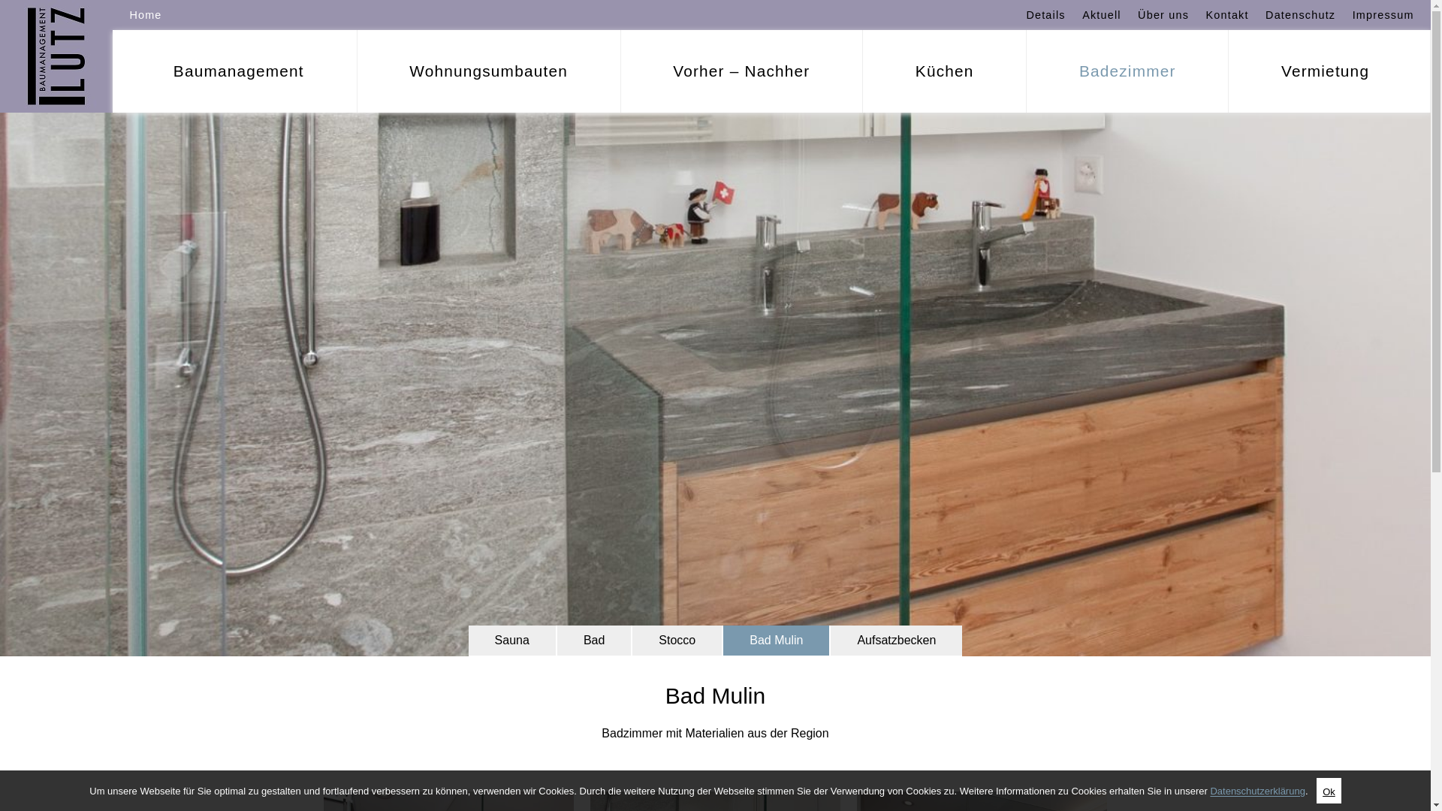 This screenshot has height=811, width=1442. Describe the element at coordinates (1386, 14) in the screenshot. I see `'Impressum'` at that location.